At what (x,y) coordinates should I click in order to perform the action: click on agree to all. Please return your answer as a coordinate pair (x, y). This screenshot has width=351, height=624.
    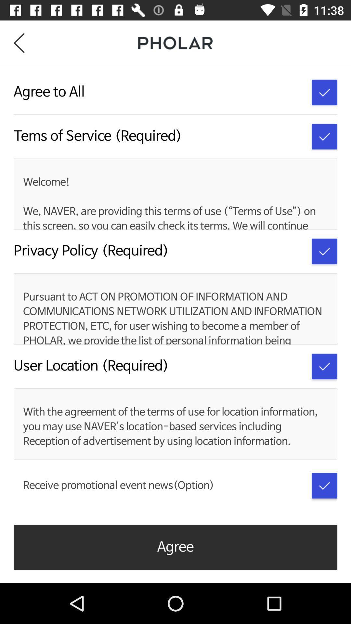
    Looking at the image, I should click on (324, 92).